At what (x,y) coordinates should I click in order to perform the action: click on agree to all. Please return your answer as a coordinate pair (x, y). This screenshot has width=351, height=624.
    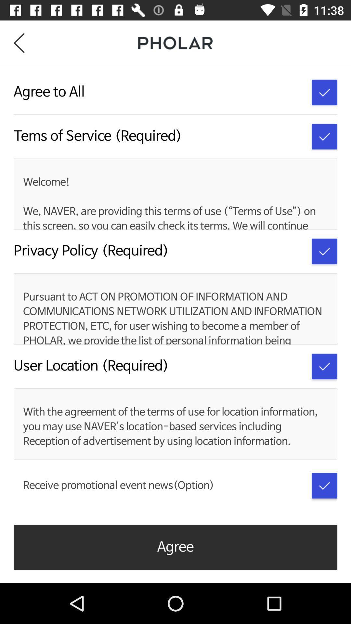
    Looking at the image, I should click on (324, 92).